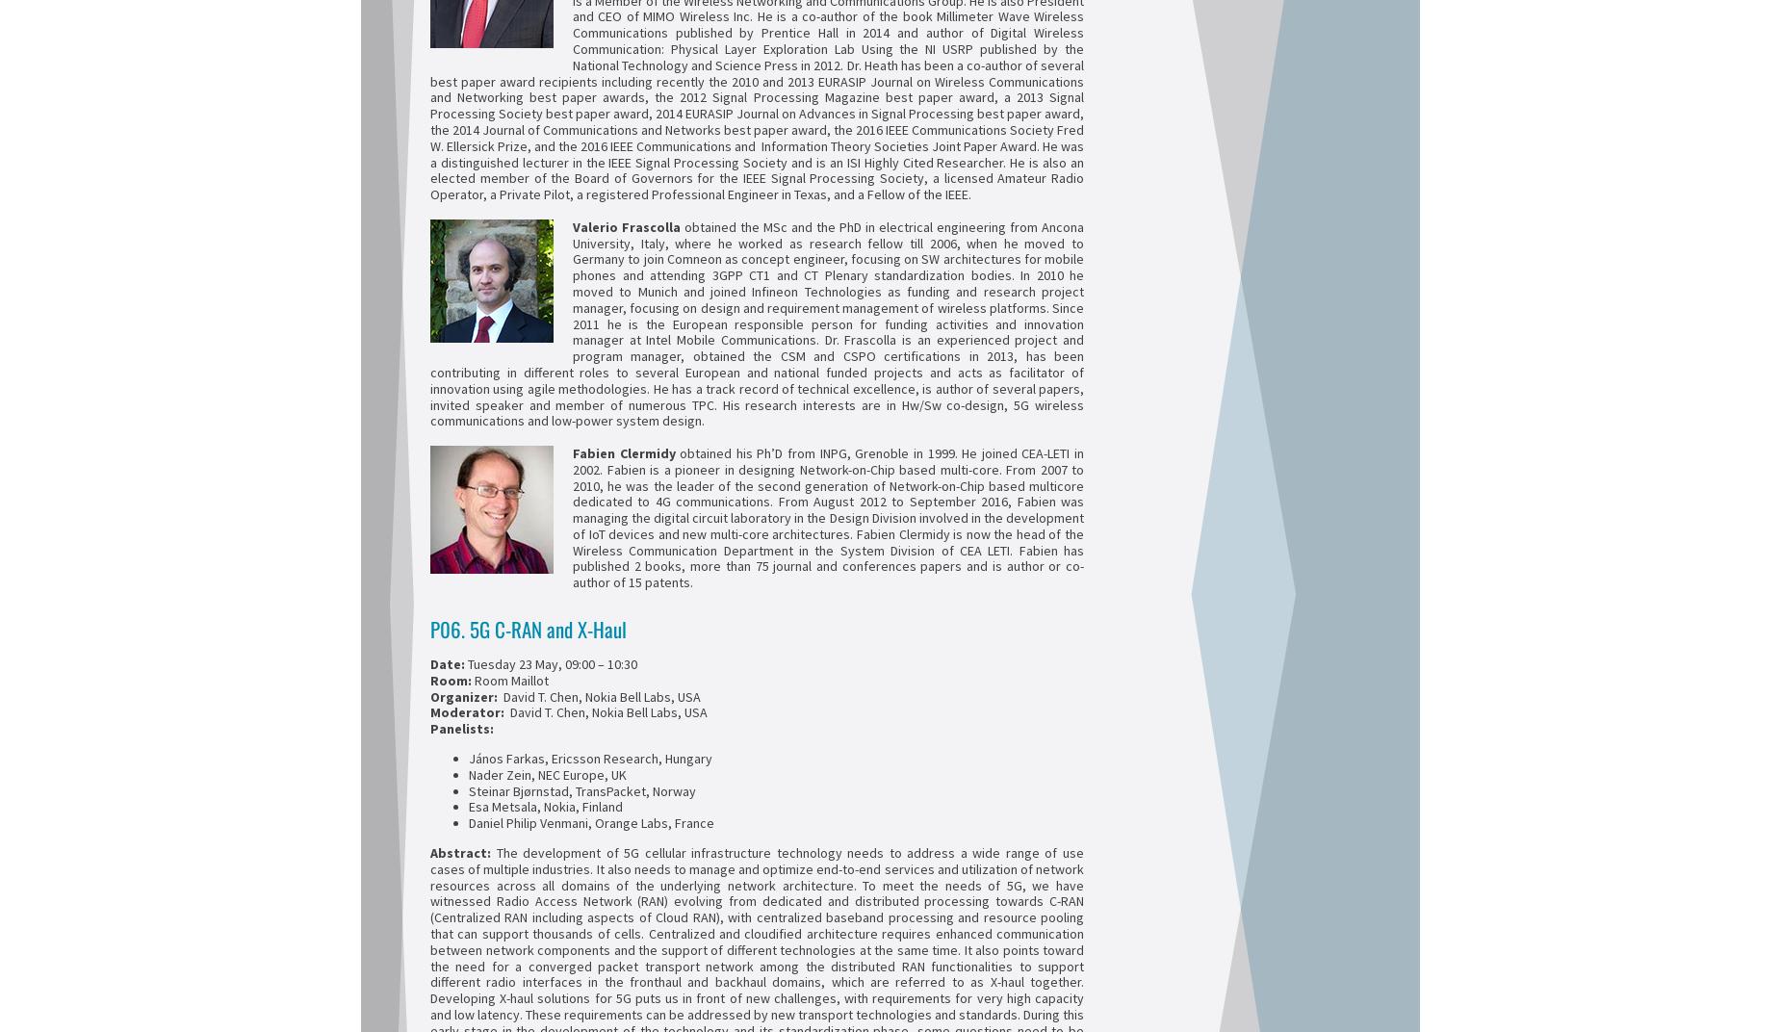 The width and height of the screenshot is (1781, 1032). What do you see at coordinates (428, 853) in the screenshot?
I see `'Abstract:'` at bounding box center [428, 853].